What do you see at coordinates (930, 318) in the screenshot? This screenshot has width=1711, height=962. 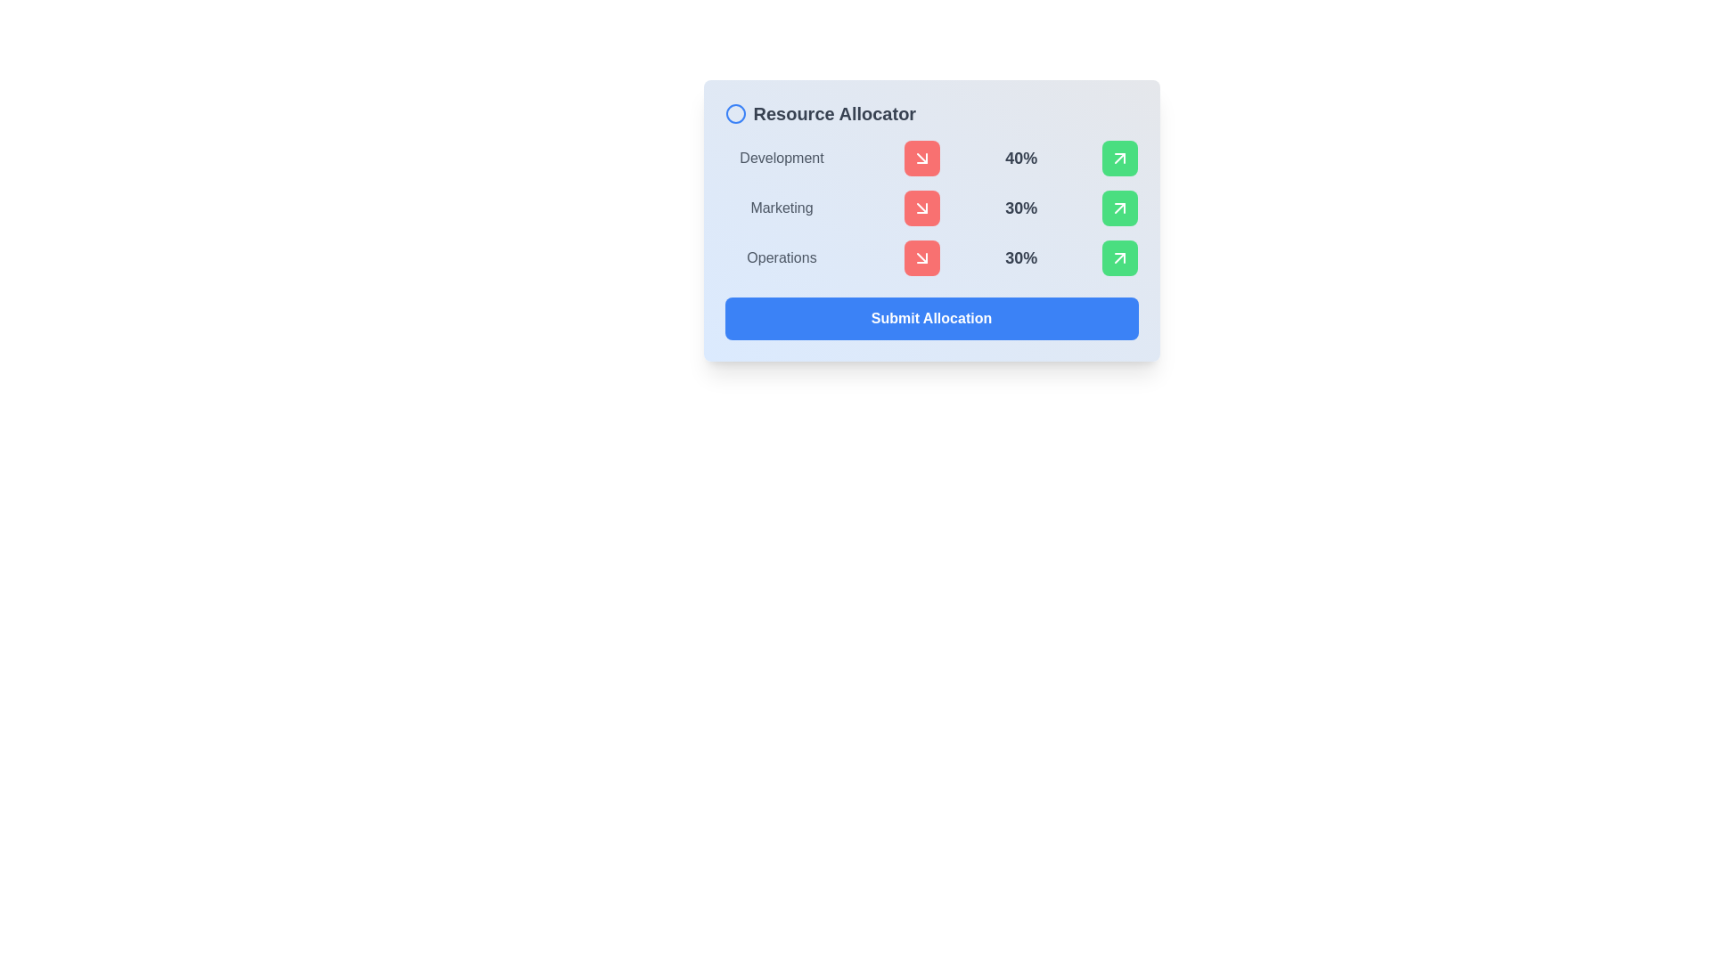 I see `the submit button for resource allocation adjustments` at bounding box center [930, 318].